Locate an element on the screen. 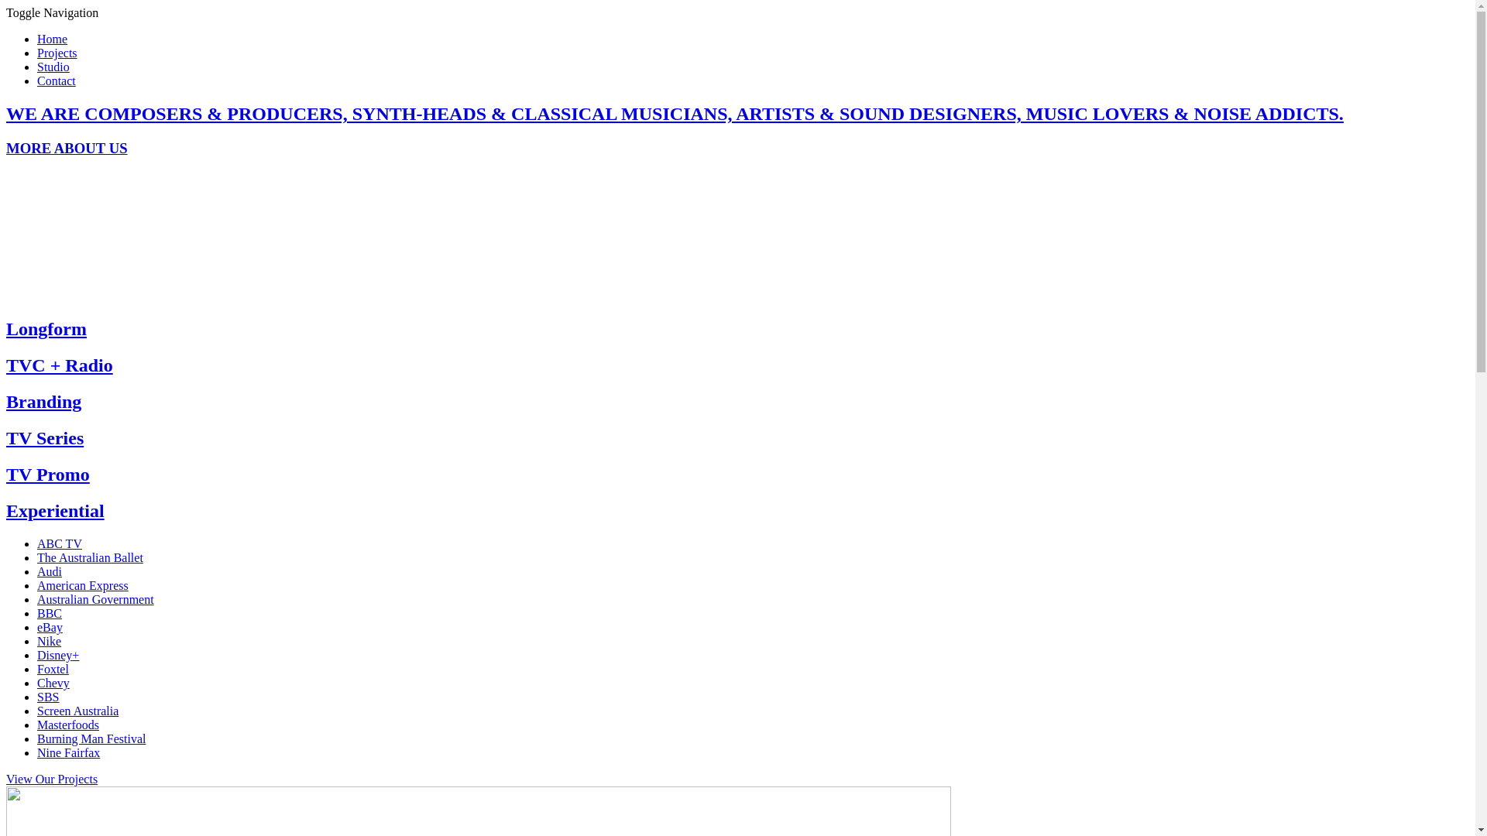 This screenshot has width=1487, height=836. 'MORE ABOUT US' is located at coordinates (66, 148).